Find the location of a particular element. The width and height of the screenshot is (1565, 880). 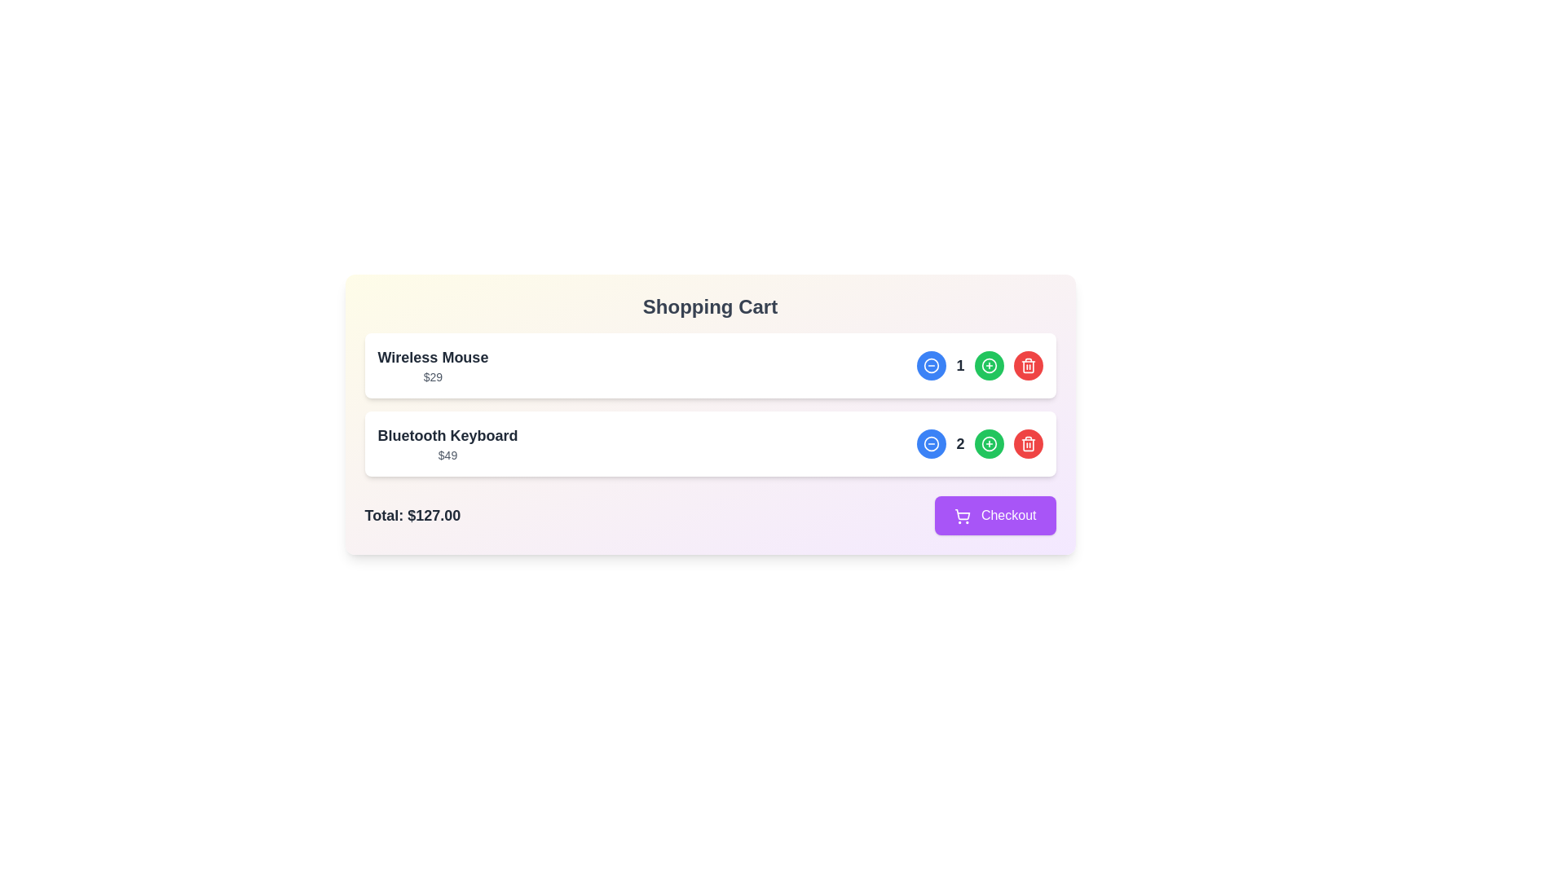

the static text label displaying the bold, large-sized number '1' in gray color, located in the first item's row of the shopping cart list is located at coordinates (960, 364).